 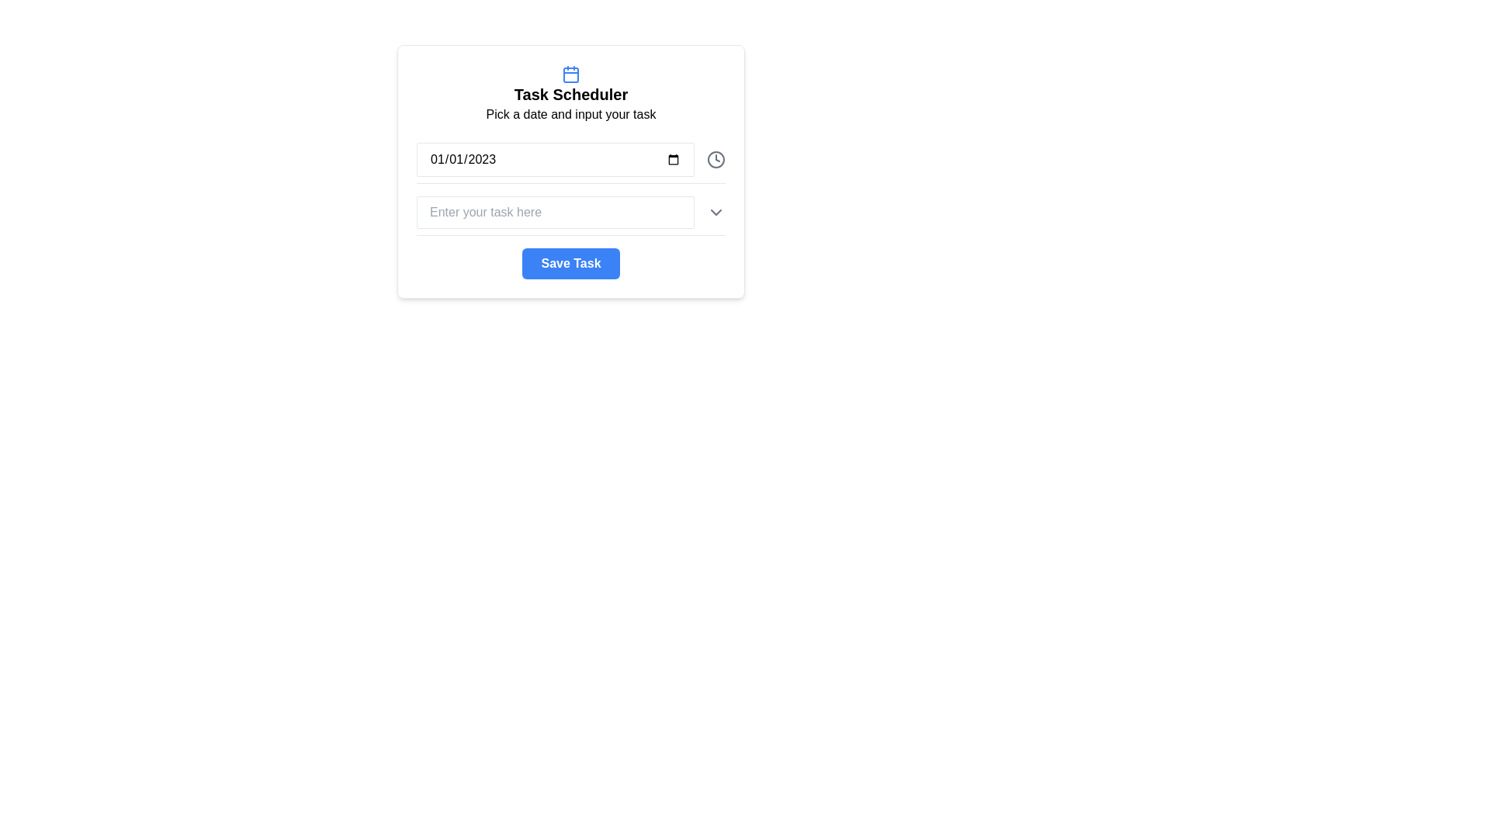 What do you see at coordinates (715, 158) in the screenshot?
I see `the clock icon, which is a gray outlined circular icon with two hands representing a clock, located adjacent to the right of the date input field` at bounding box center [715, 158].